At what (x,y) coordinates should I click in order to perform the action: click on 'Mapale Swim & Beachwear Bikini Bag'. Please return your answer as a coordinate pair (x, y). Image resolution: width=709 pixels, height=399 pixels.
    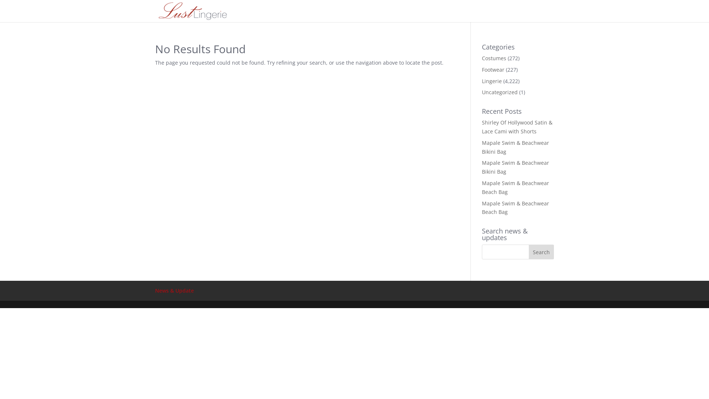
    Looking at the image, I should click on (515, 167).